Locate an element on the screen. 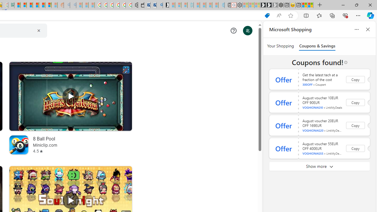 The image size is (377, 212). 'Play Soul Knight' is located at coordinates (71, 200).